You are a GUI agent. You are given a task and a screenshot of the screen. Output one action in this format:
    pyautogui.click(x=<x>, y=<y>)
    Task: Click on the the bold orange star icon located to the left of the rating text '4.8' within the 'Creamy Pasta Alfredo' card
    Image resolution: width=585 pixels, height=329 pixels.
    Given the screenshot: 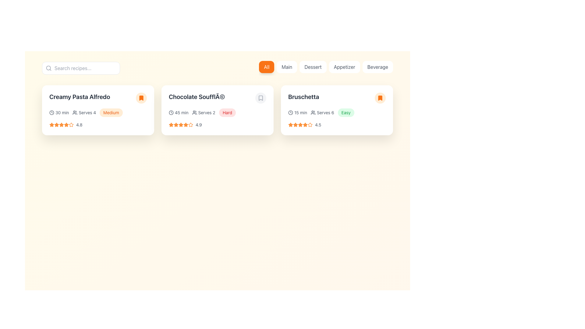 What is the action you would take?
    pyautogui.click(x=66, y=124)
    